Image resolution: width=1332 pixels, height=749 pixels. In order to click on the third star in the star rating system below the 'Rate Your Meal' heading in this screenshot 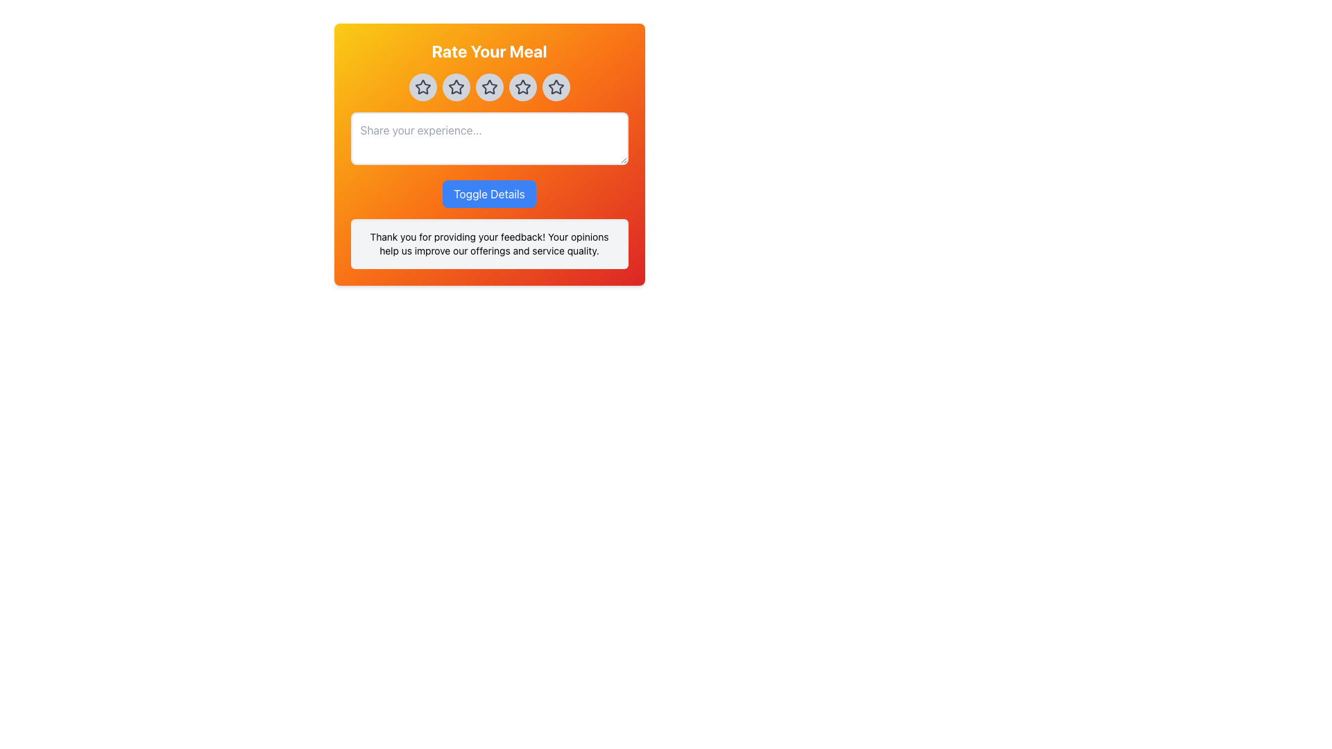, I will do `click(522, 87)`.